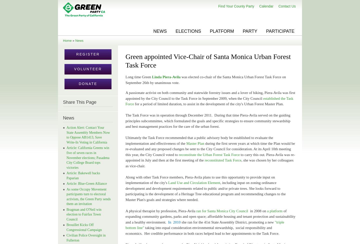 The image size is (360, 244). I want to click on 'Long time Green', so click(125, 77).